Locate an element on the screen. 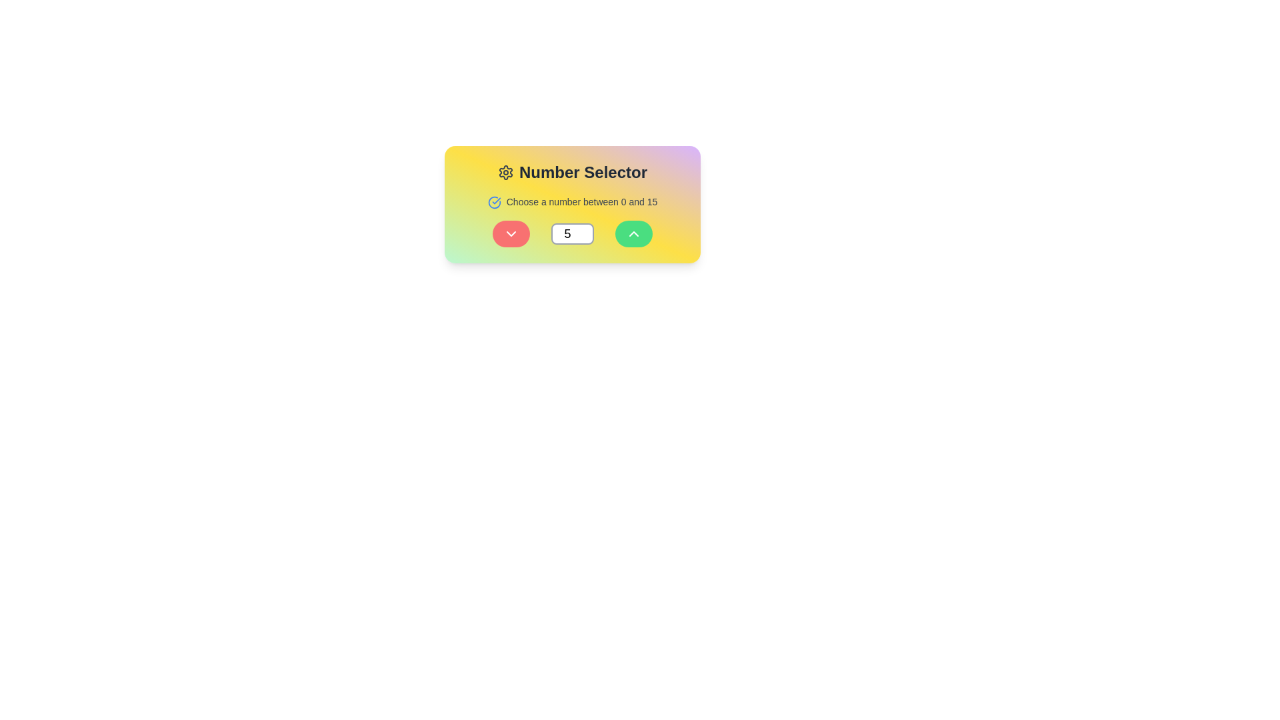 The width and height of the screenshot is (1280, 720). the settings cog icon located within the 'Number Selector' section is located at coordinates (505, 171).